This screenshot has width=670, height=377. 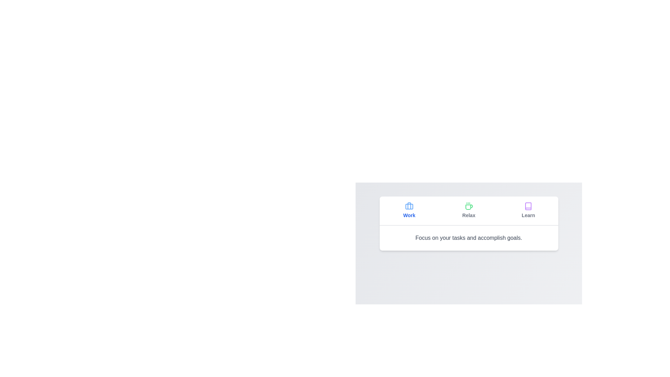 What do you see at coordinates (469, 210) in the screenshot?
I see `the Relax tab to switch to it` at bounding box center [469, 210].